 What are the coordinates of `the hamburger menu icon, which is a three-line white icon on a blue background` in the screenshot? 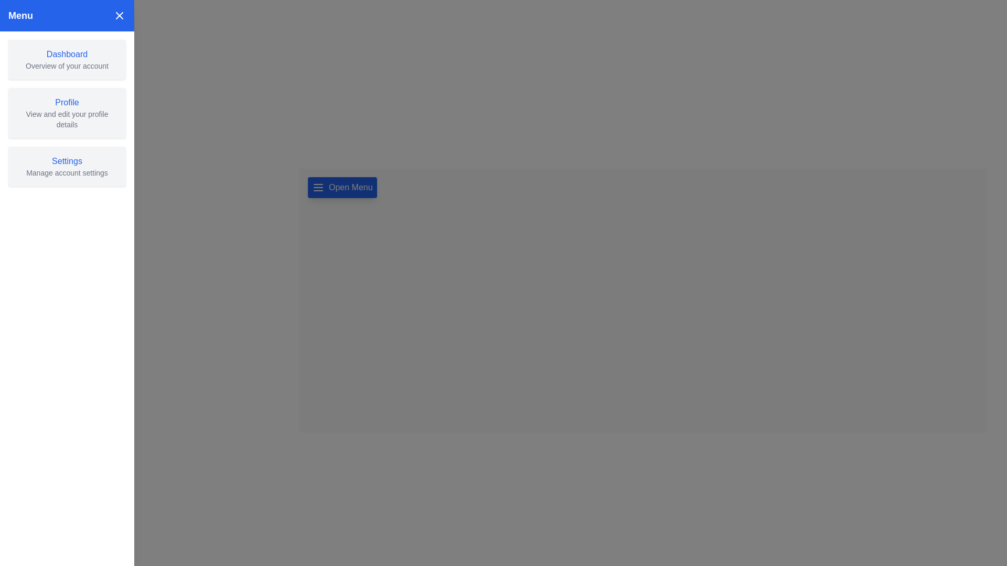 It's located at (317, 187).